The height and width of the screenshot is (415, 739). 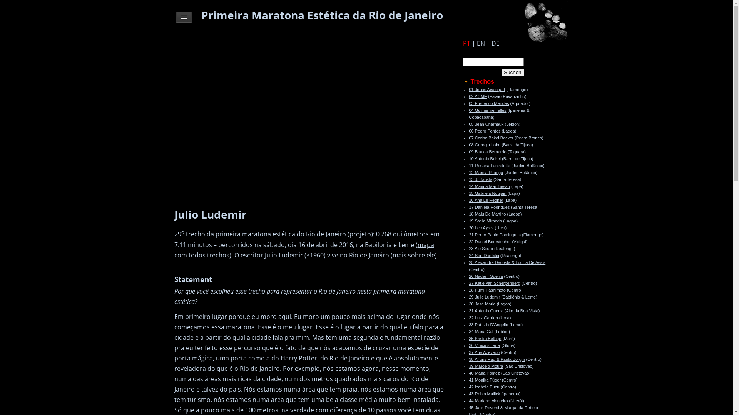 What do you see at coordinates (483, 255) in the screenshot?
I see `'24 Sou DaniMei'` at bounding box center [483, 255].